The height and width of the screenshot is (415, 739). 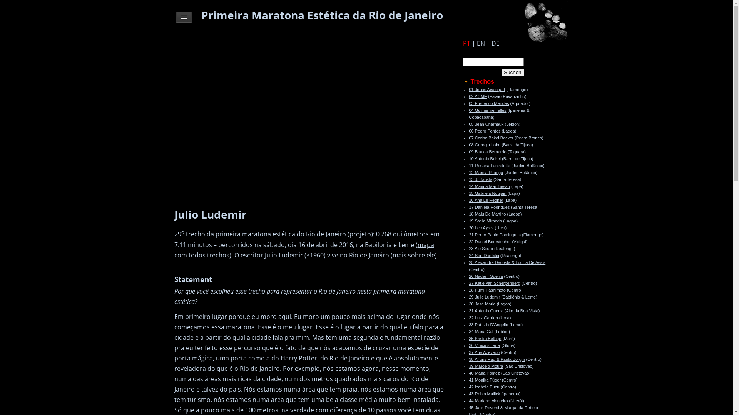 What do you see at coordinates (483, 255) in the screenshot?
I see `'24 Sou DaniMei'` at bounding box center [483, 255].